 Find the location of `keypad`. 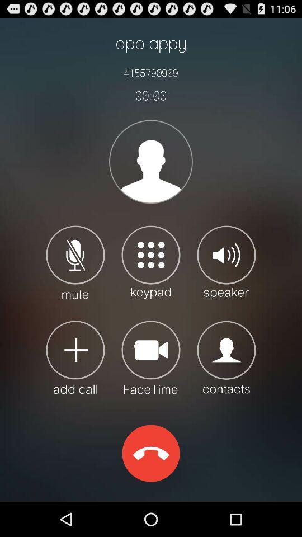

keypad is located at coordinates (151, 262).